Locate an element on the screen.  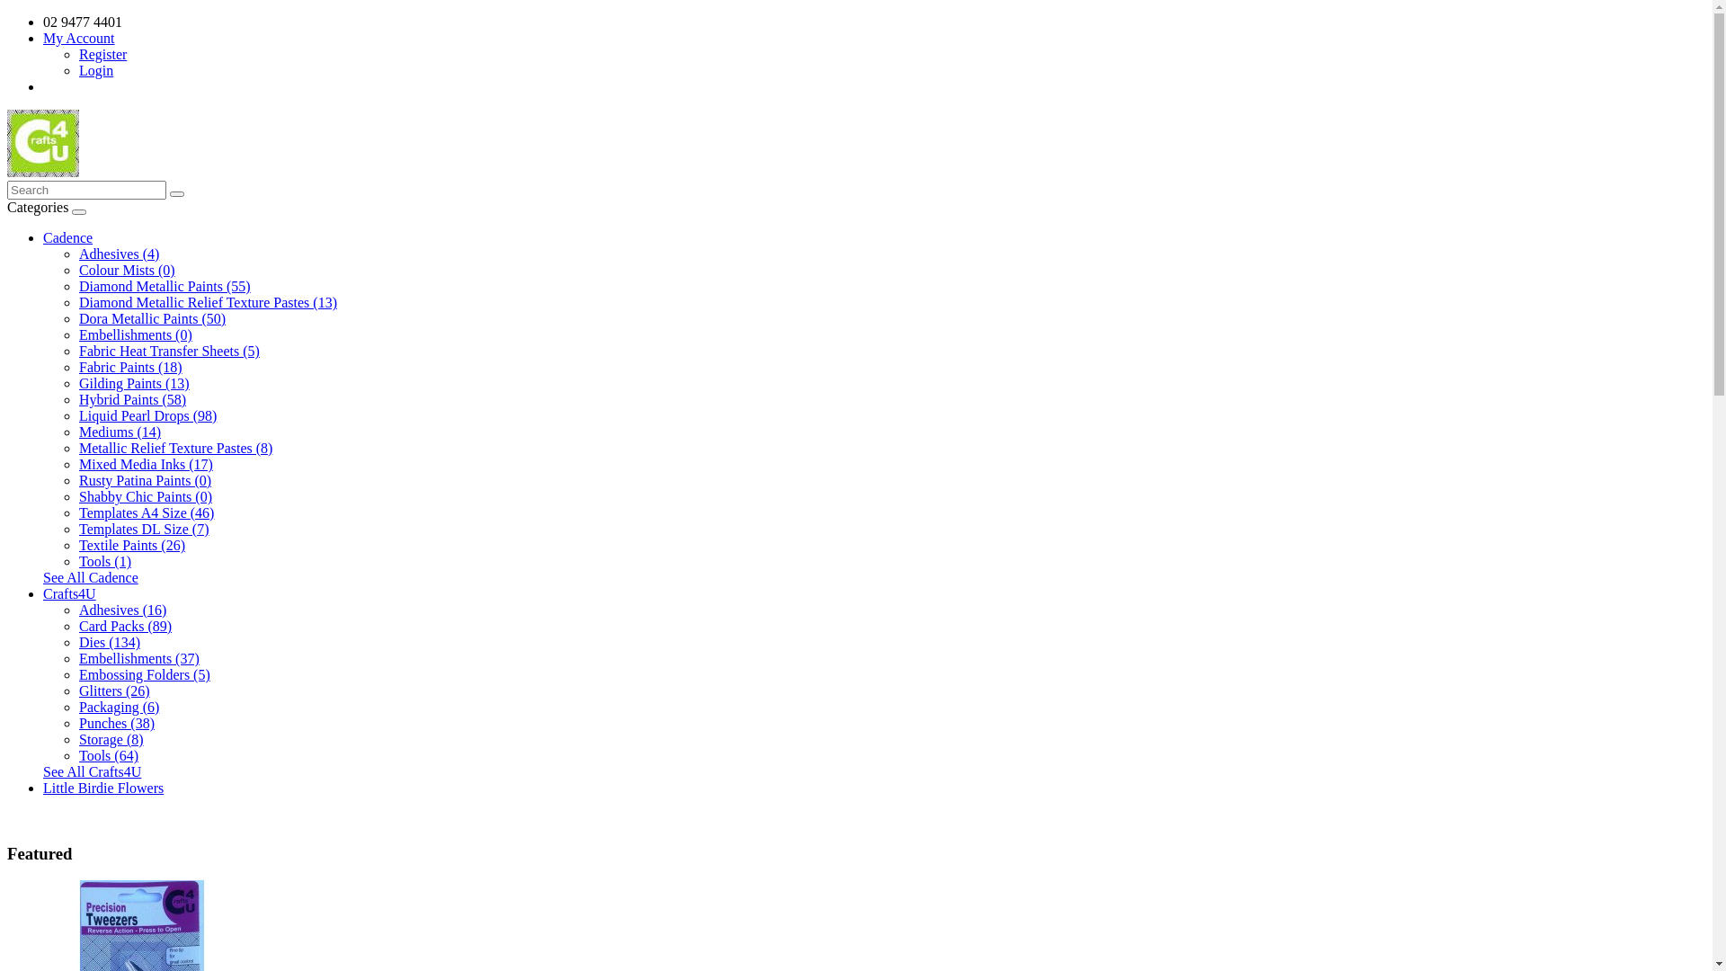
'Glitters (26)' is located at coordinates (113, 690).